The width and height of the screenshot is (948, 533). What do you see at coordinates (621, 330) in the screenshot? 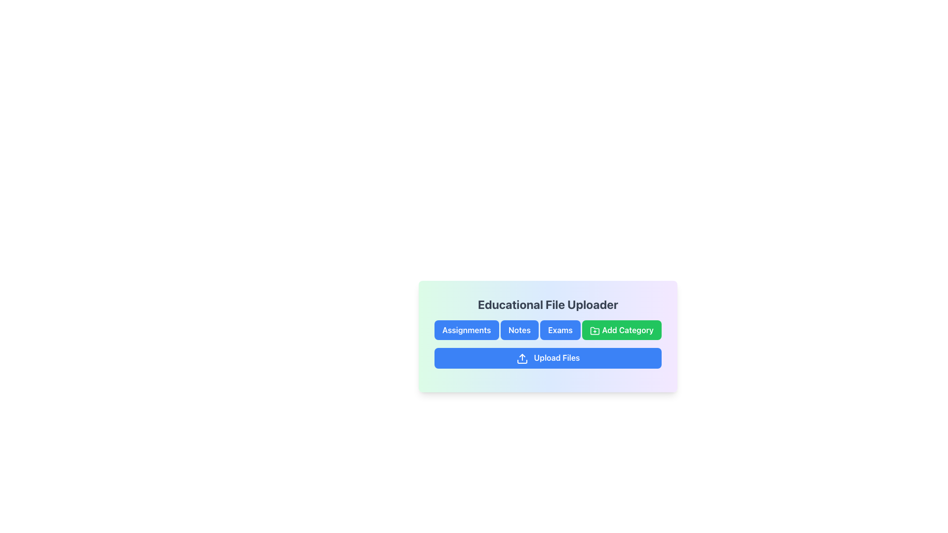
I see `the 'Add Category' button` at bounding box center [621, 330].